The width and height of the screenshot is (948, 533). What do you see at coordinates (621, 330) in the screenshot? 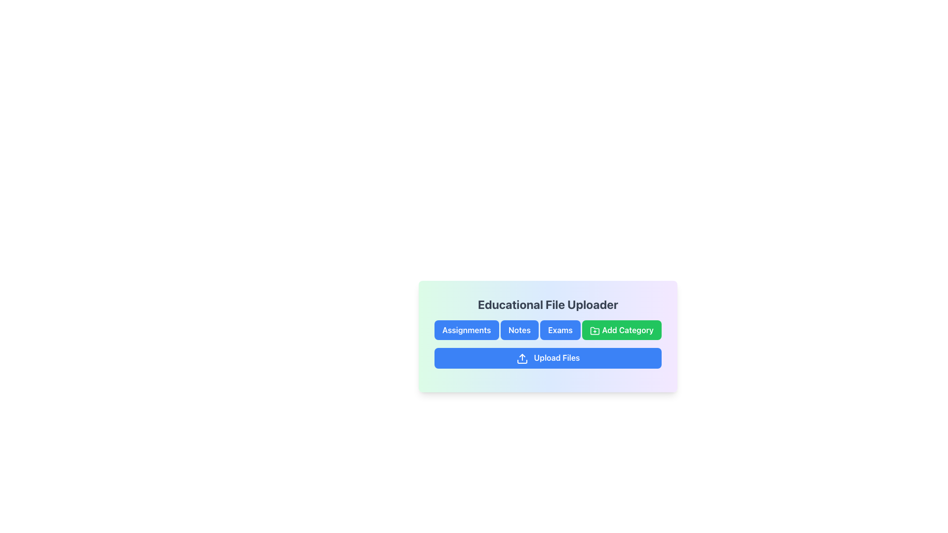
I see `the 'Add Category' button` at bounding box center [621, 330].